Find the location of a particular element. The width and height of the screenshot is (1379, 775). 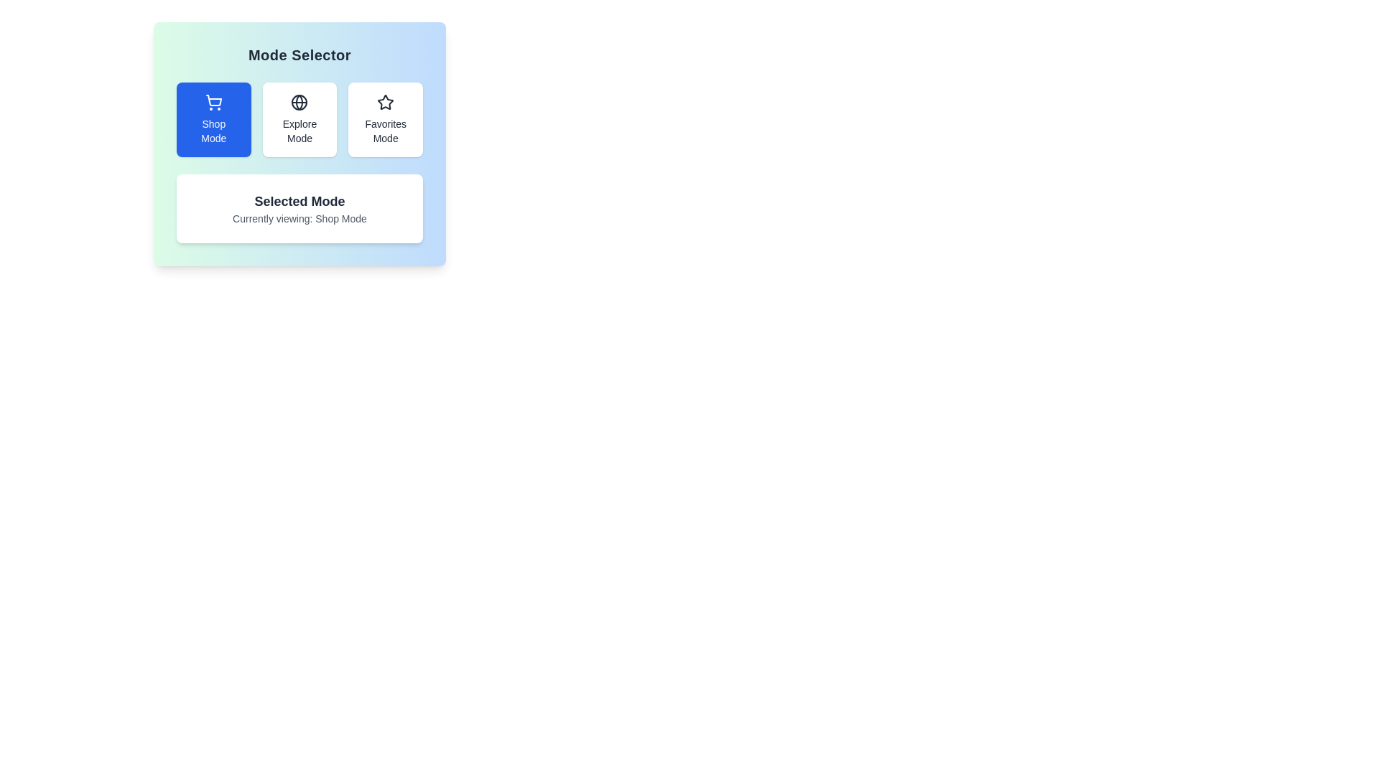

the 'Explore Mode' button, which is a rounded button with a white background and gray text, located centrally between the 'Shop Mode' and 'Favorites Mode' buttons, under the 'Mode Selector' header is located at coordinates (299, 118).